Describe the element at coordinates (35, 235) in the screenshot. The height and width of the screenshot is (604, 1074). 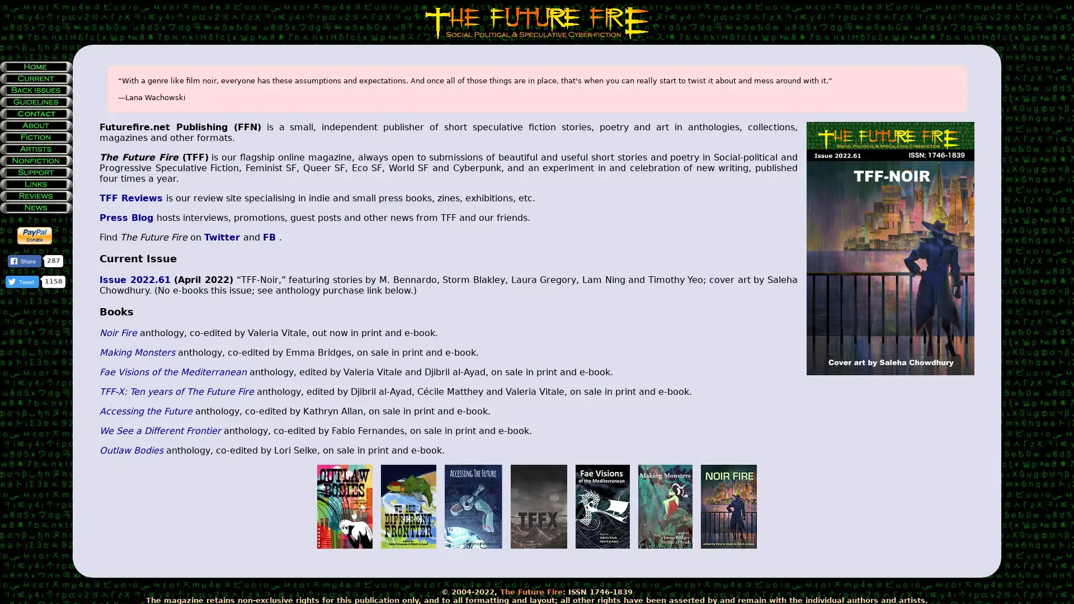
I see `Make payments with PayPal - it's fast, free and secure!` at that location.